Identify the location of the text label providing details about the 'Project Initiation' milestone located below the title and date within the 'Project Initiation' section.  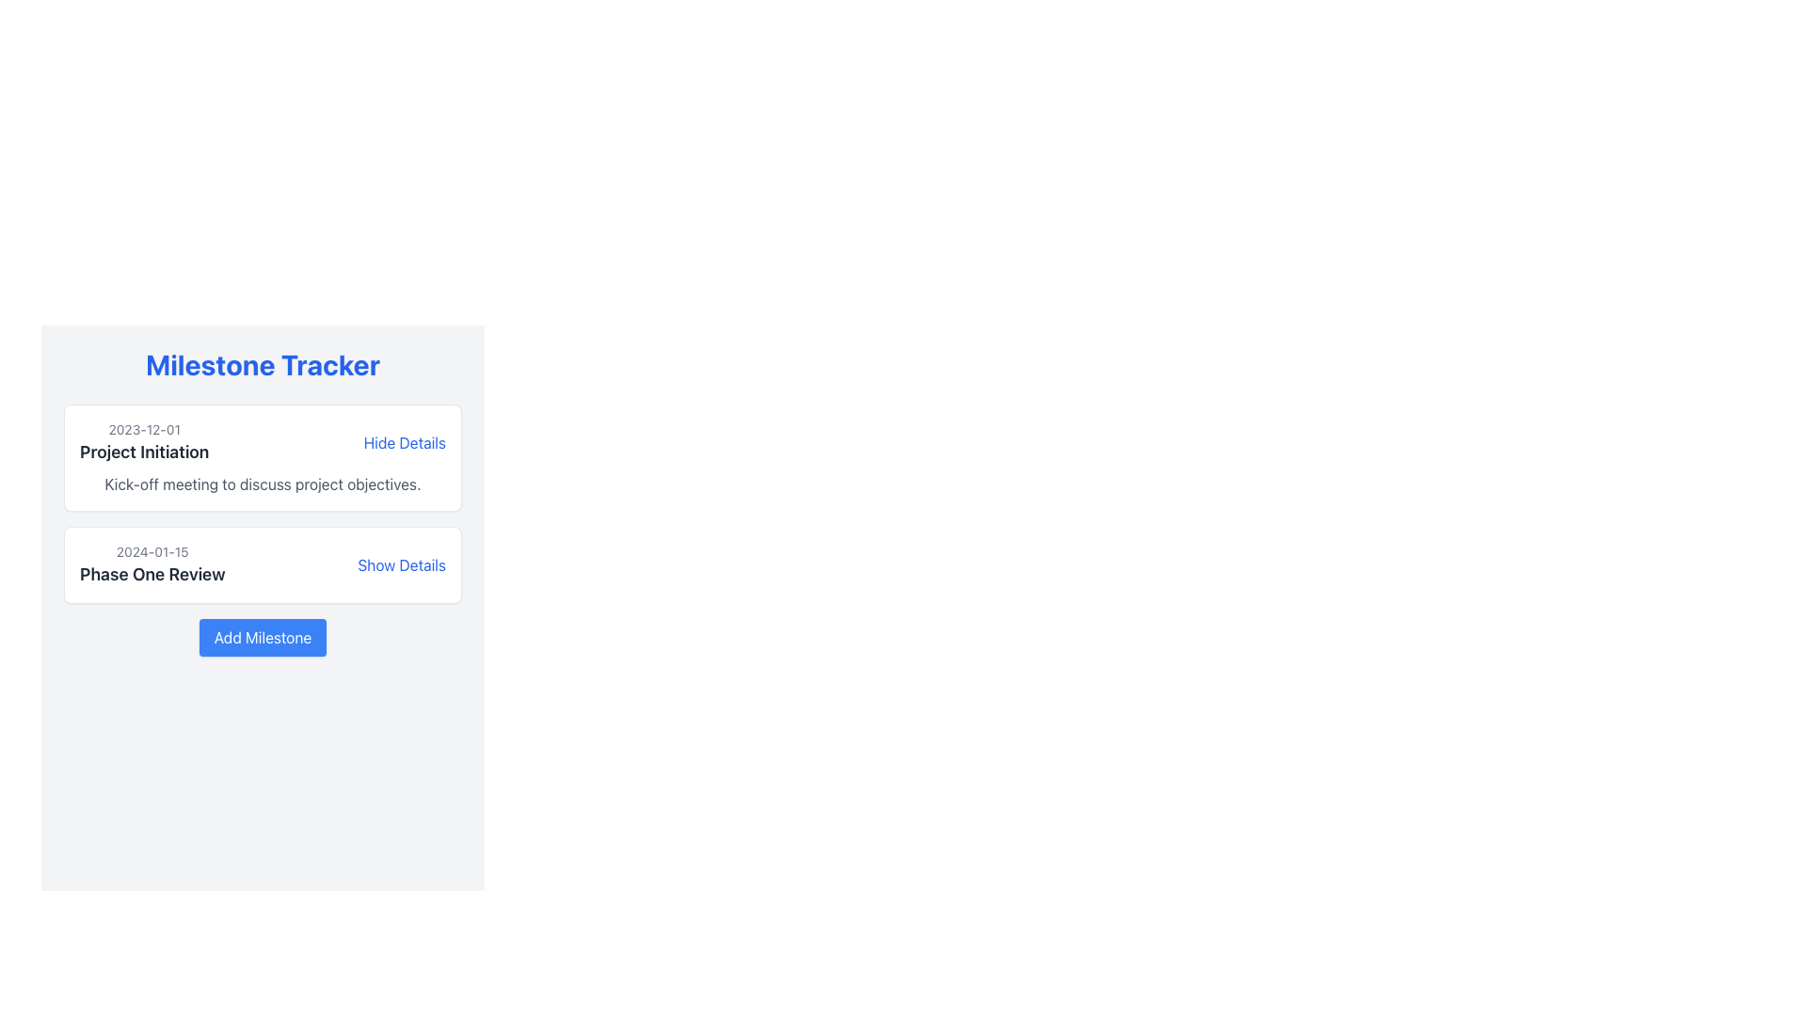
(262, 484).